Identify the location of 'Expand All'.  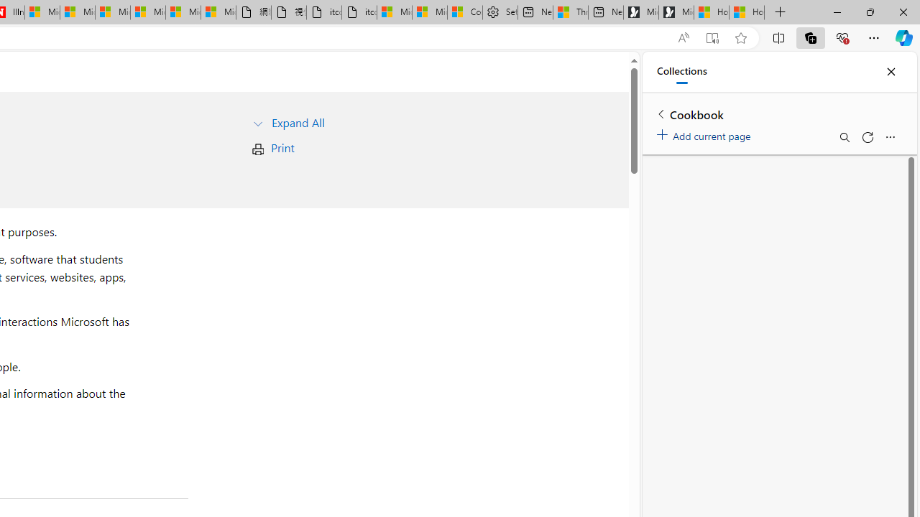
(297, 121).